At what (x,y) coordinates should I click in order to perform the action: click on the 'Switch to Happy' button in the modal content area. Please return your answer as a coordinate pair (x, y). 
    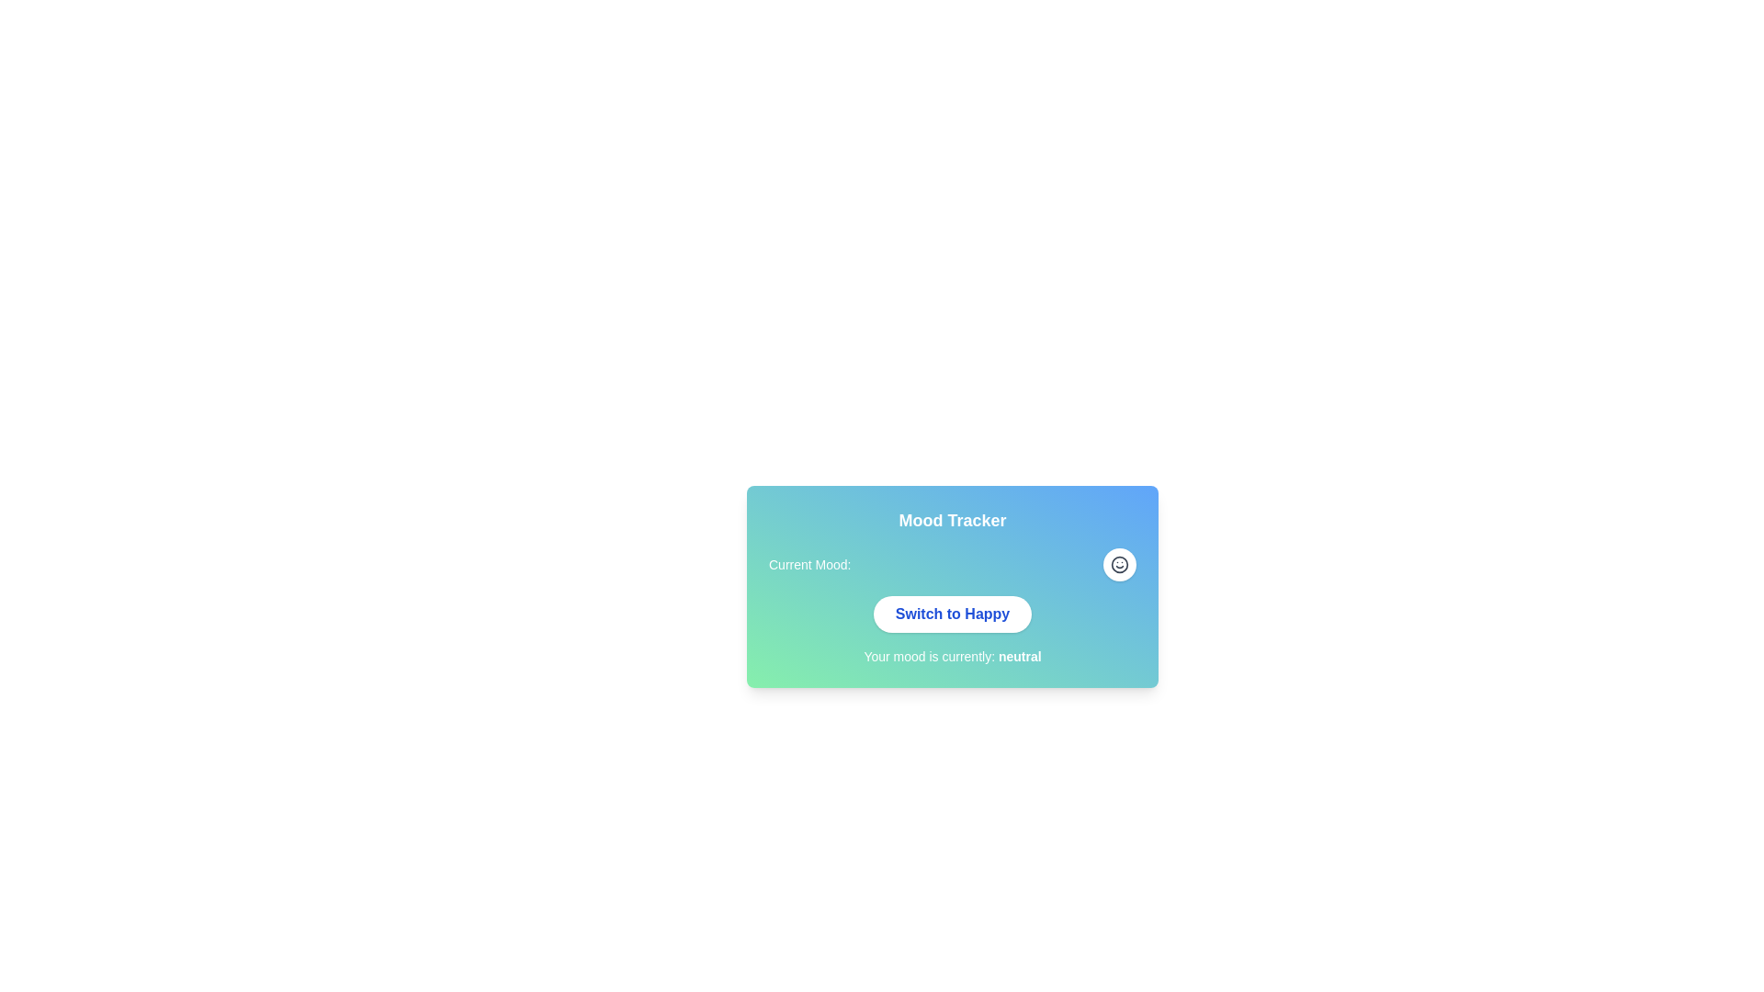
    Looking at the image, I should click on (952, 620).